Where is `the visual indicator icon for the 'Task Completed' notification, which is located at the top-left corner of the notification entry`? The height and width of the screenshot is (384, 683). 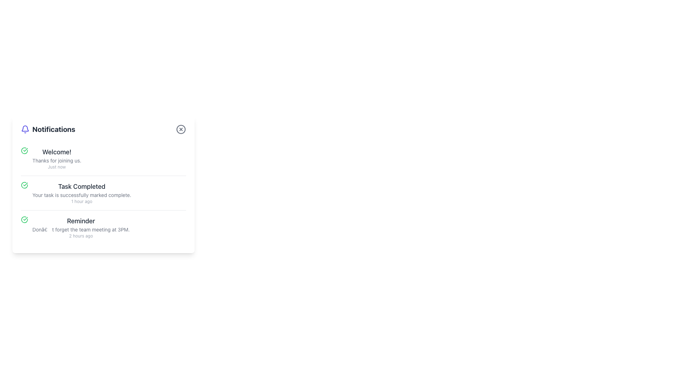 the visual indicator icon for the 'Task Completed' notification, which is located at the top-left corner of the notification entry is located at coordinates (24, 185).